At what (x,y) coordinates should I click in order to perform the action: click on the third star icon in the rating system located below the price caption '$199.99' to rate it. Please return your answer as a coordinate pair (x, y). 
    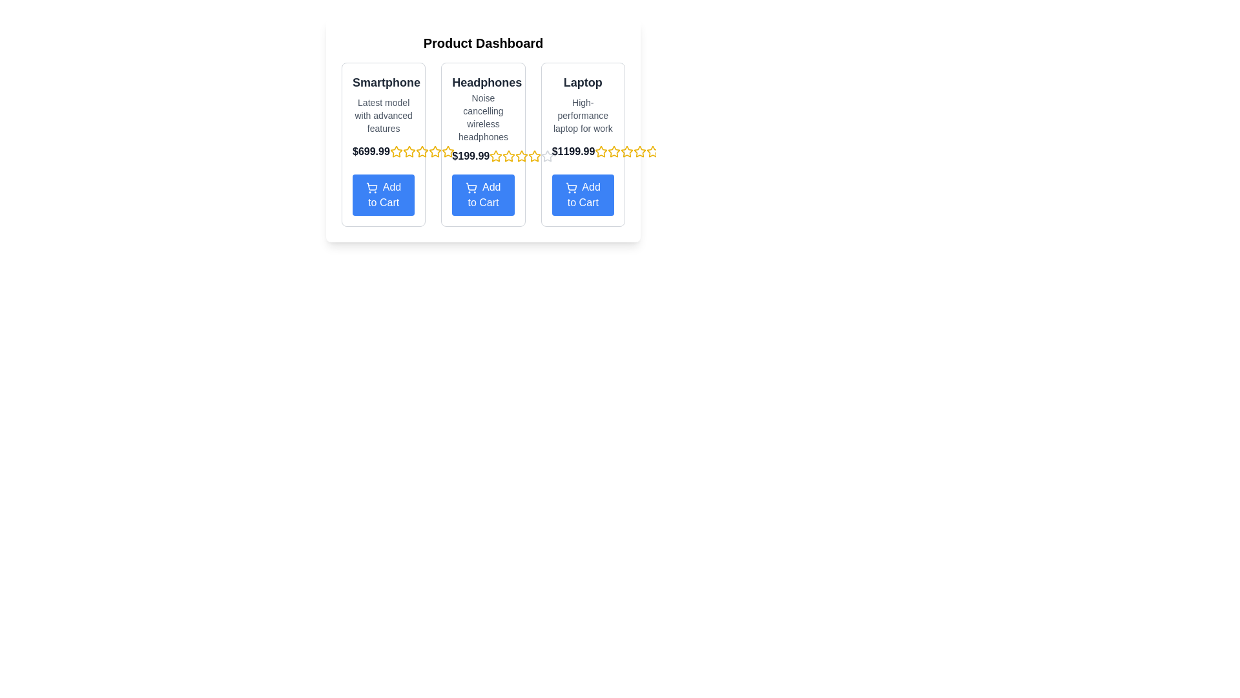
    Looking at the image, I should click on (522, 156).